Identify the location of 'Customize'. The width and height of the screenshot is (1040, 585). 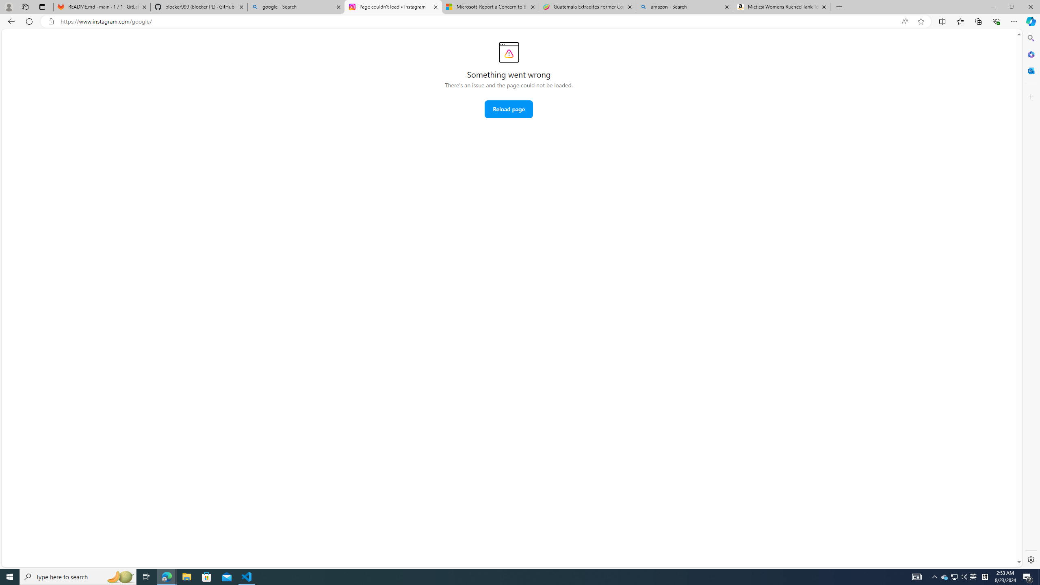
(1030, 96).